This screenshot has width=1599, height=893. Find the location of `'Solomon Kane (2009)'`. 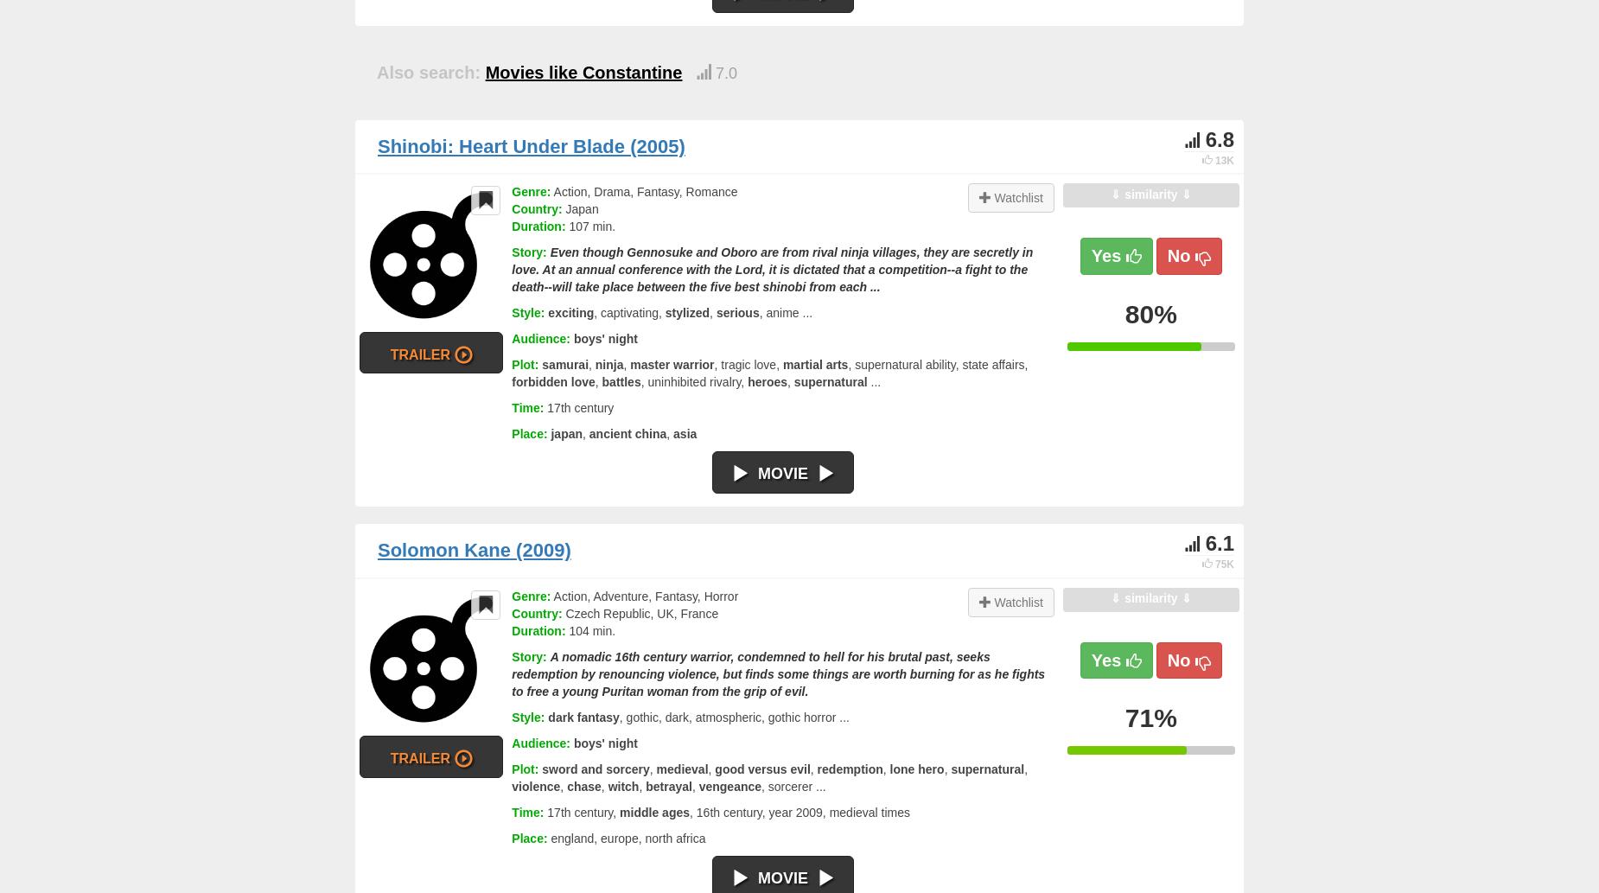

'Solomon Kane (2009)' is located at coordinates (474, 549).